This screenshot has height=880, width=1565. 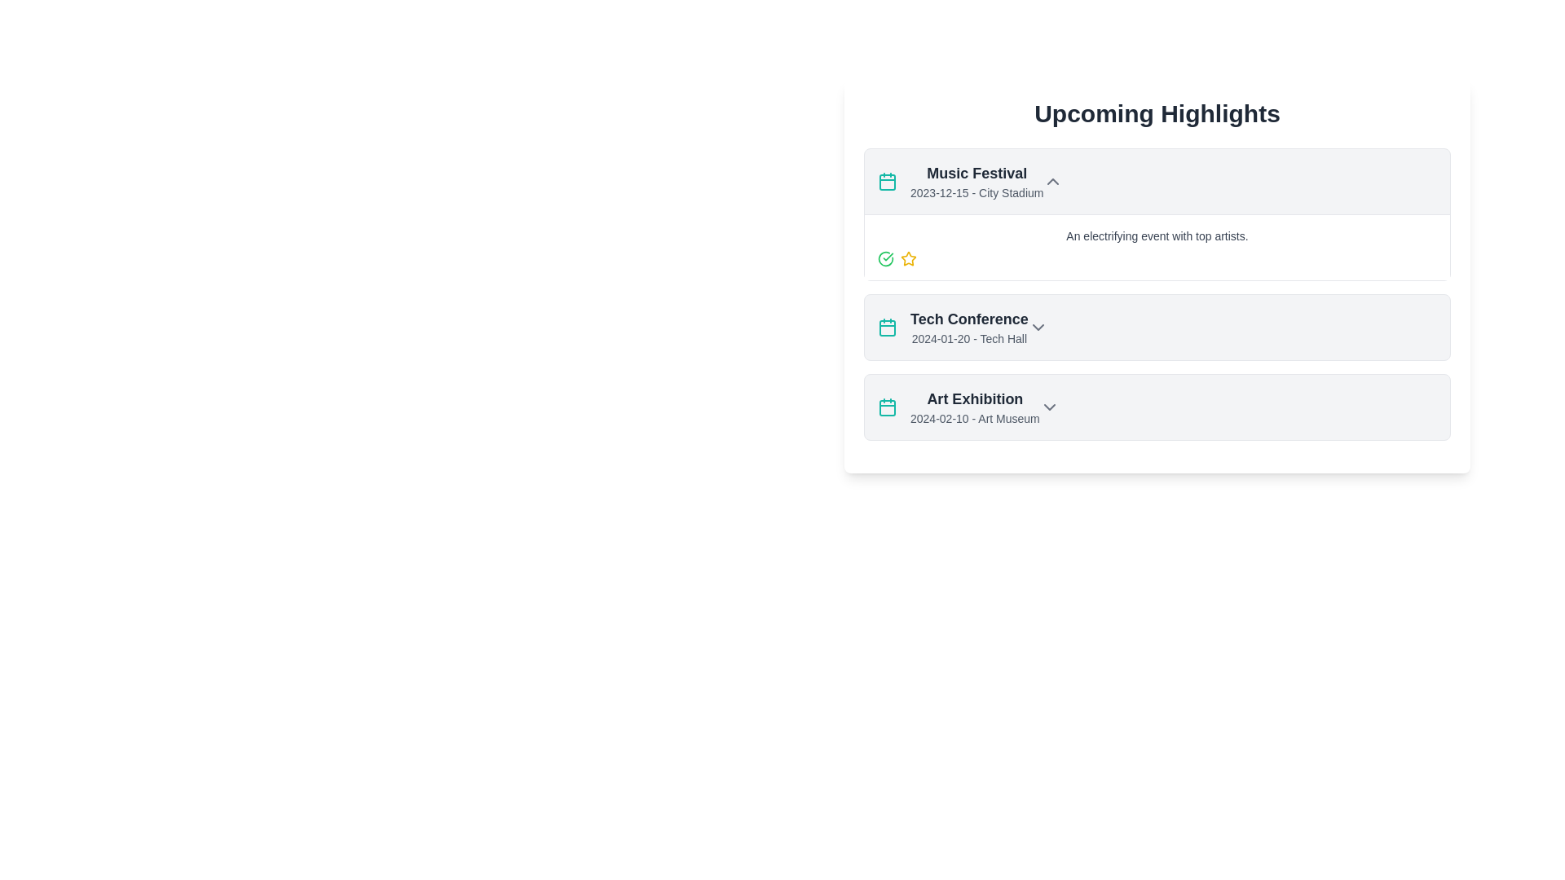 I want to click on the bold text label reading 'Music Festival' which is prominently displayed at the top of the first event entry, so click(x=976, y=173).